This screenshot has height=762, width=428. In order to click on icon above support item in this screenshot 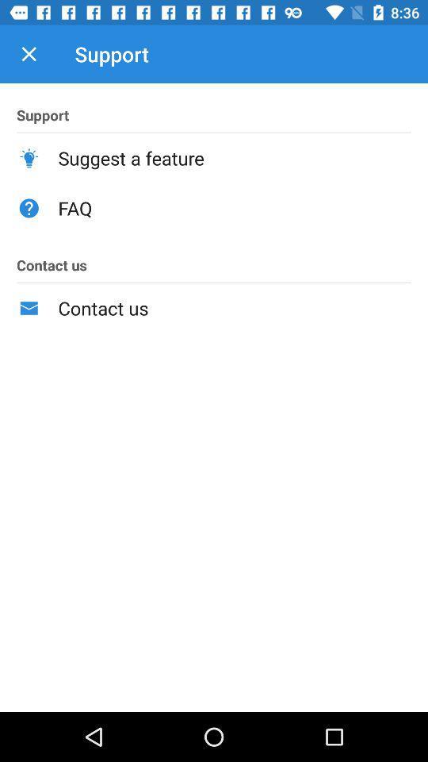, I will do `click(29, 54)`.